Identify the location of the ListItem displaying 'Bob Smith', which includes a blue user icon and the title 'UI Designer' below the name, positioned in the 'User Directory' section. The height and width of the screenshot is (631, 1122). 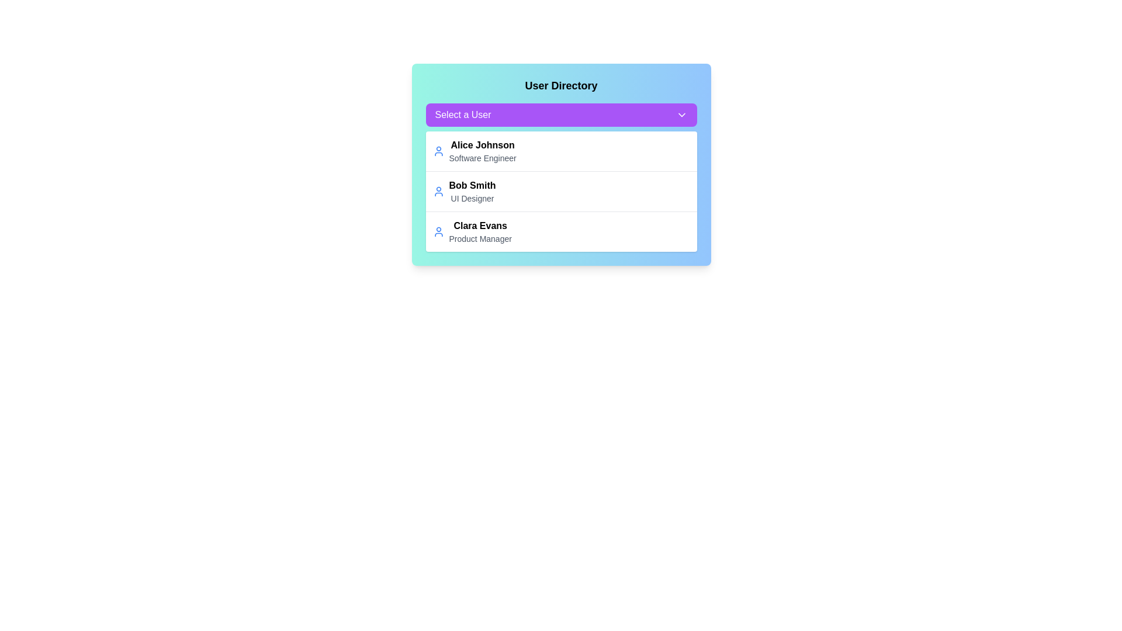
(463, 190).